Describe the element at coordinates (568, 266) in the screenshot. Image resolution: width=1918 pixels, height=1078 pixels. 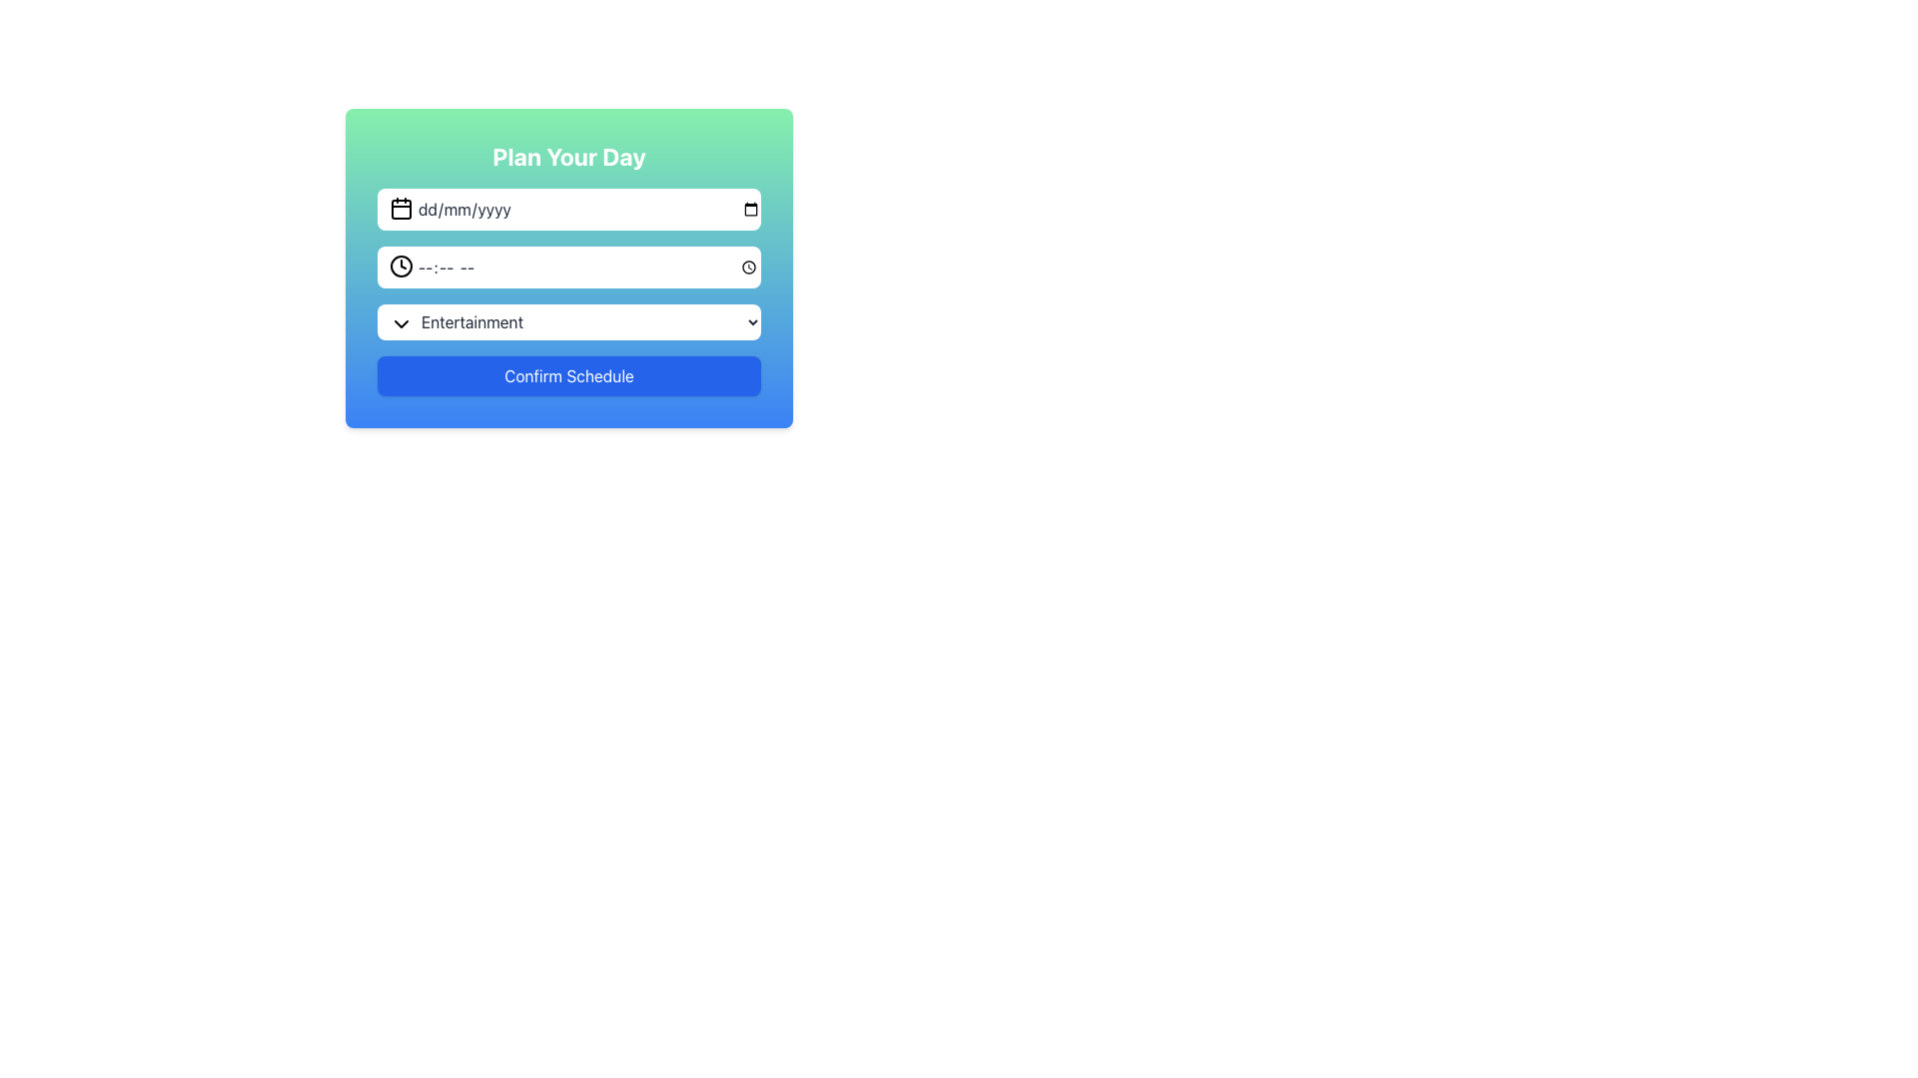
I see `the time input field with a clock icon` at that location.